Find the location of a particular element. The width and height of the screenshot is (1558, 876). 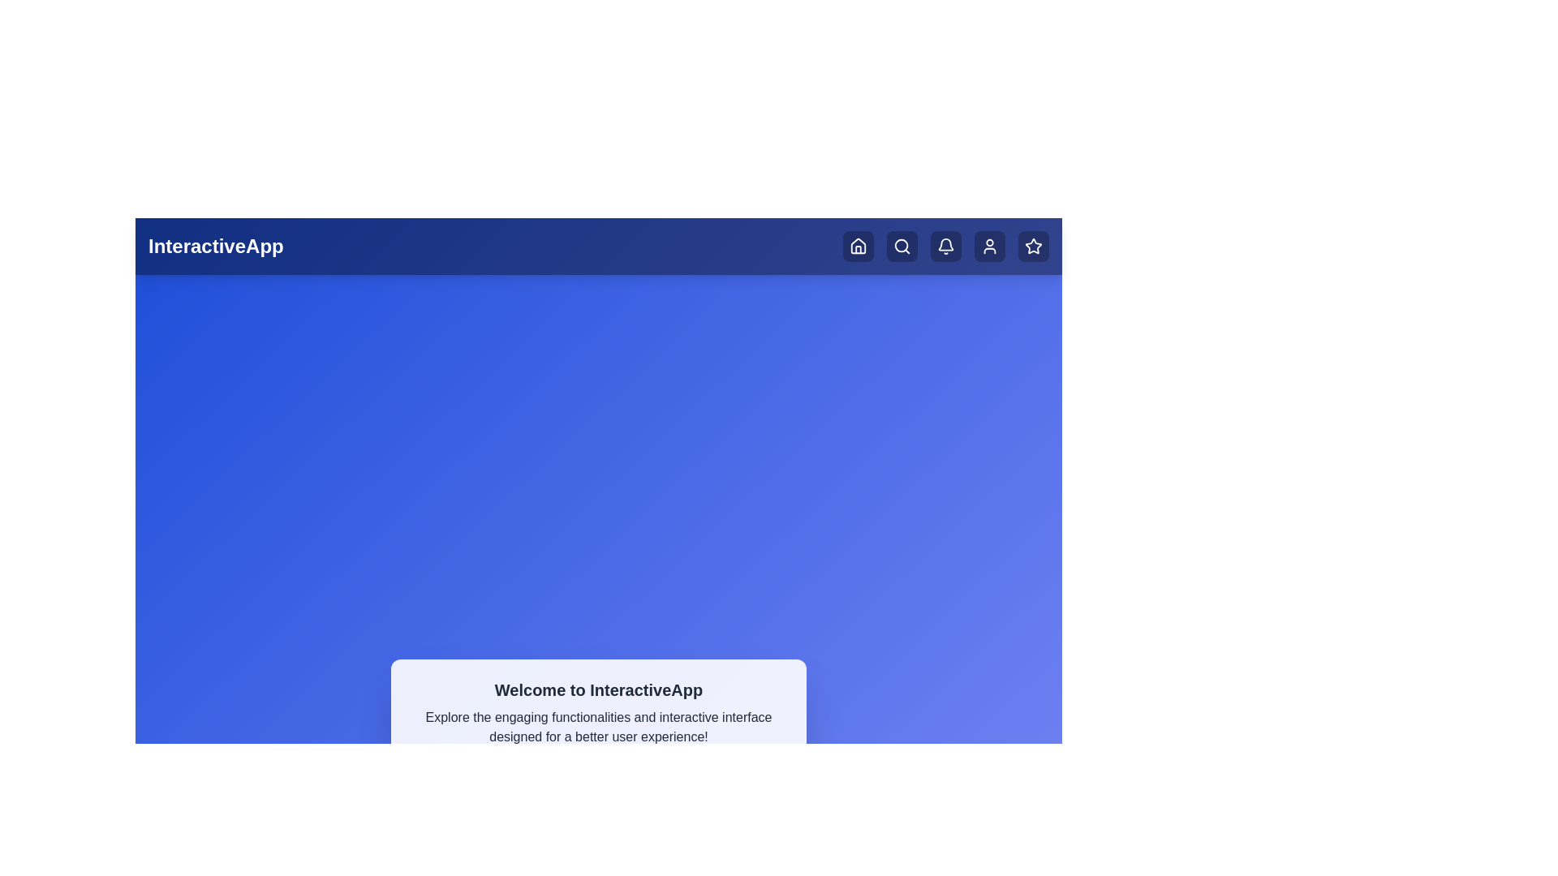

the profile navigation button to navigate to the respective section is located at coordinates (988, 247).